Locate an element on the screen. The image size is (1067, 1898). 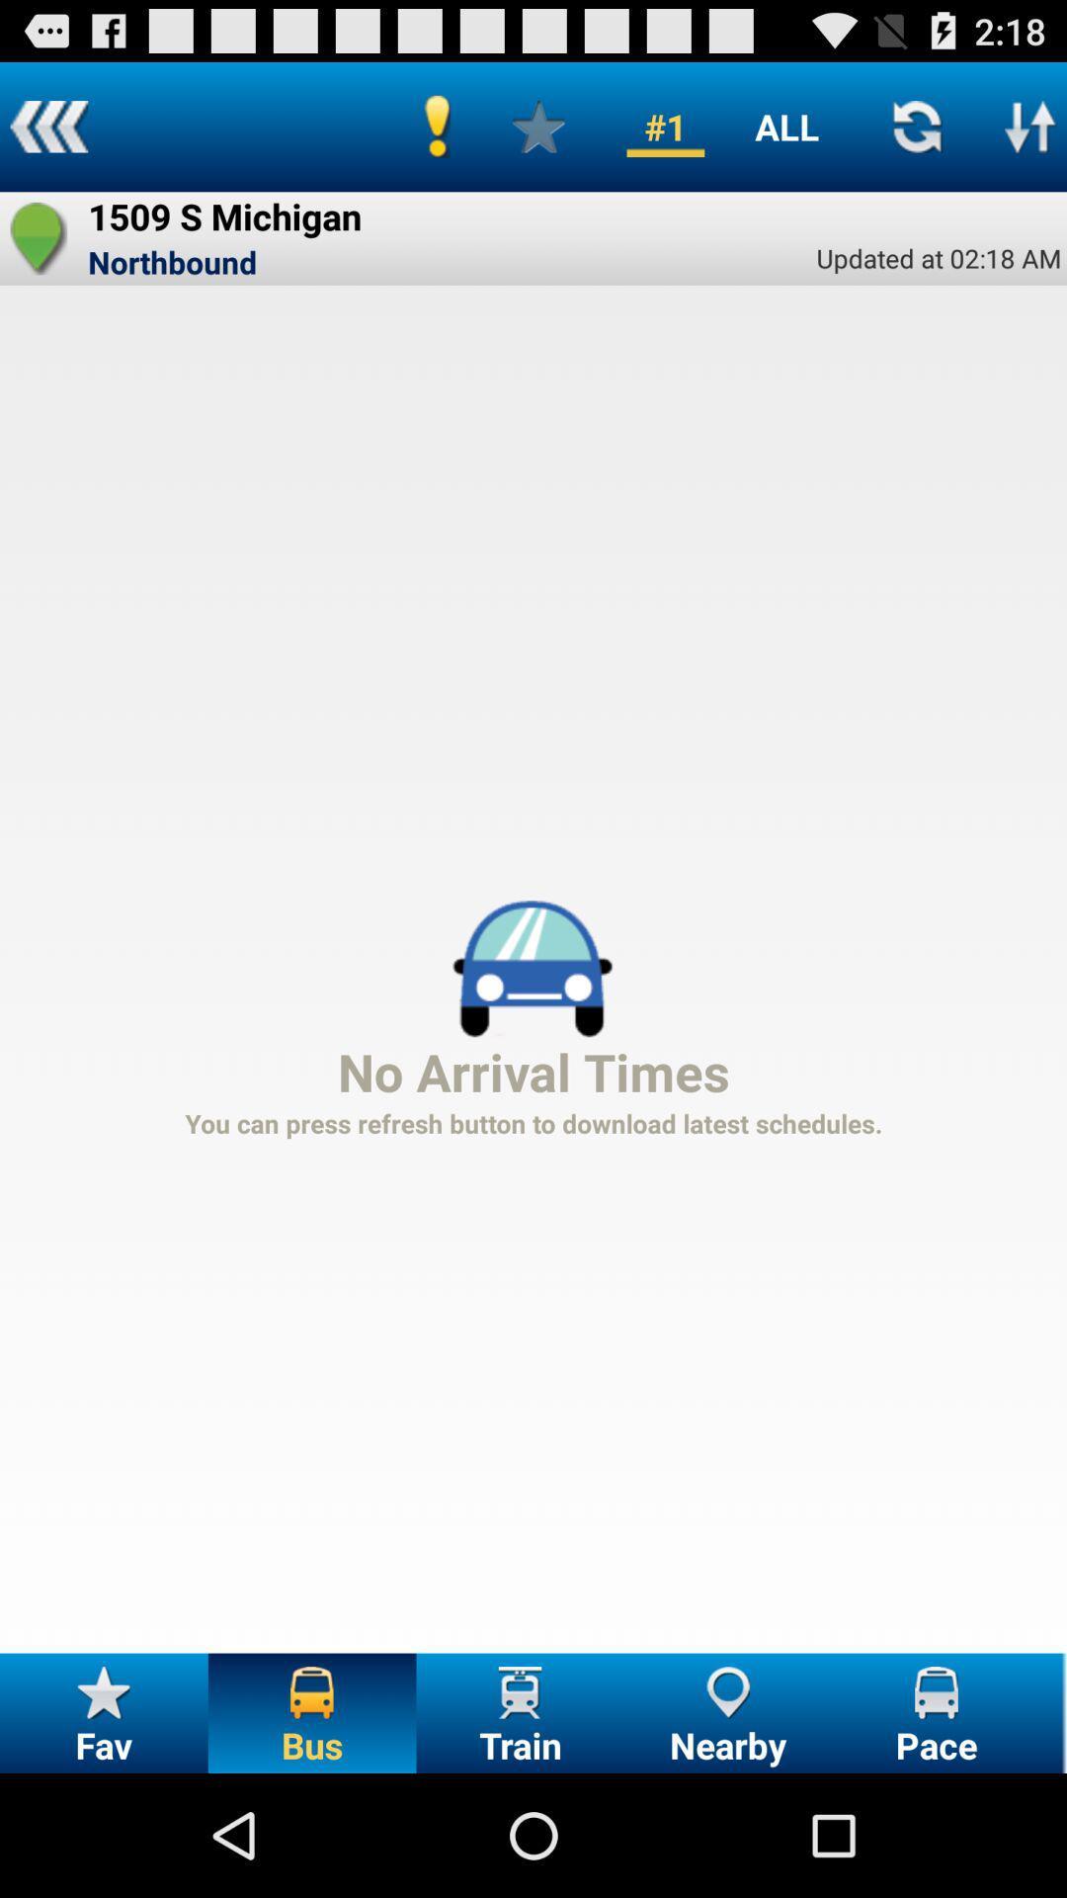
button next to the   #1 is located at coordinates (538, 126).